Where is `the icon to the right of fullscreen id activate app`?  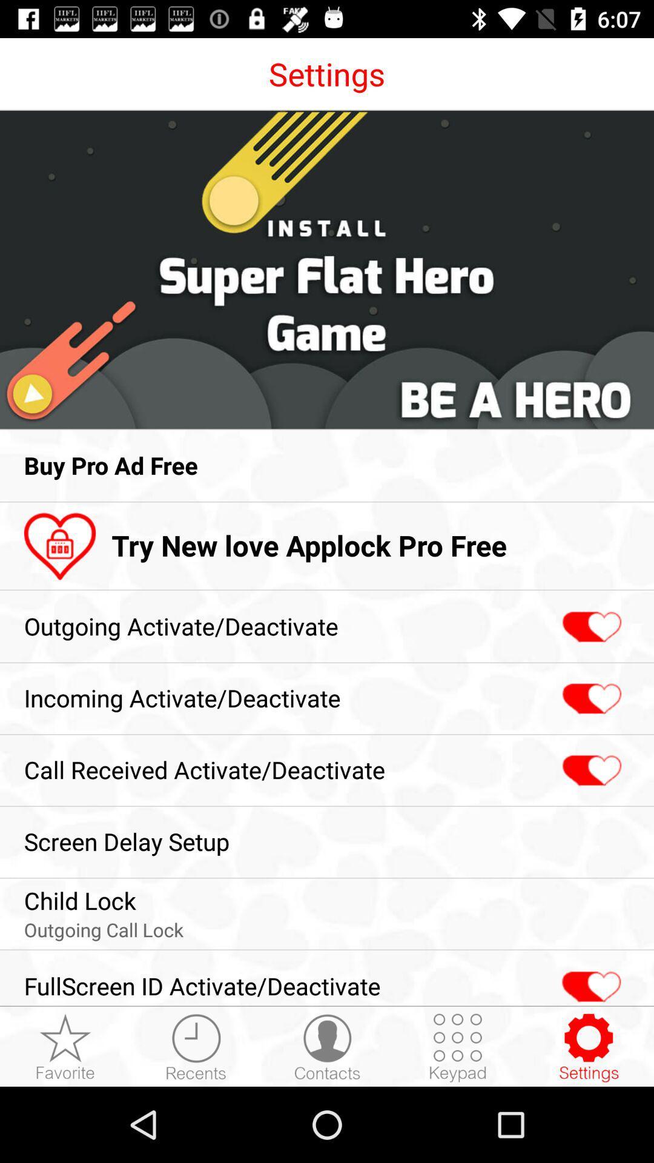
the icon to the right of fullscreen id activate app is located at coordinates (458, 1047).